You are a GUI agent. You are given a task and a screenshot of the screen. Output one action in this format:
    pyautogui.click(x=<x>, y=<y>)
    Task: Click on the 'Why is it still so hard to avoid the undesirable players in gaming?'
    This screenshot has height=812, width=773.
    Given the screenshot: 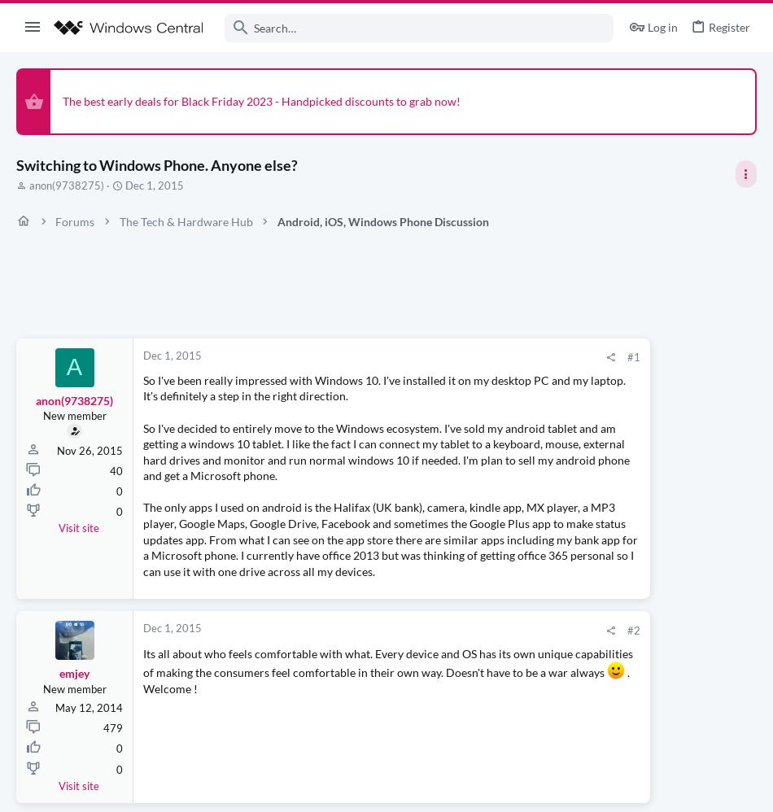 What is the action you would take?
    pyautogui.click(x=624, y=387)
    